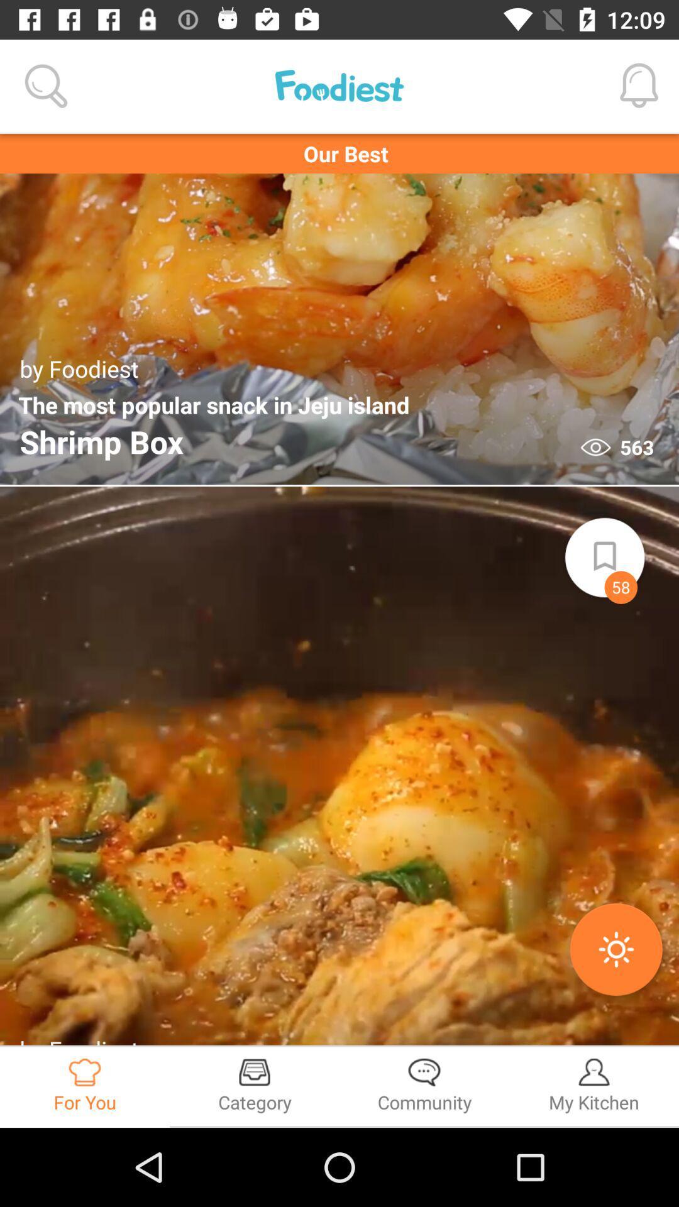 This screenshot has width=679, height=1207. What do you see at coordinates (616, 949) in the screenshot?
I see `the second orange colored button on the second image` at bounding box center [616, 949].